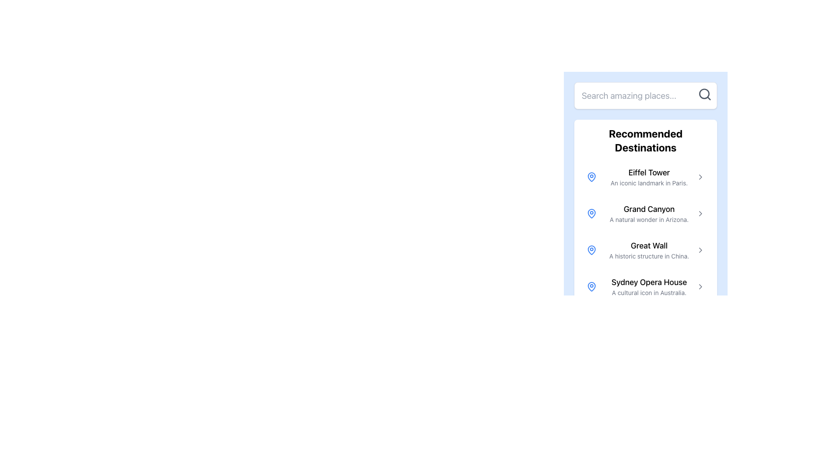 The height and width of the screenshot is (470, 836). Describe the element at coordinates (646, 177) in the screenshot. I see `the first Navigation list item titled 'Eiffel Tower'` at that location.